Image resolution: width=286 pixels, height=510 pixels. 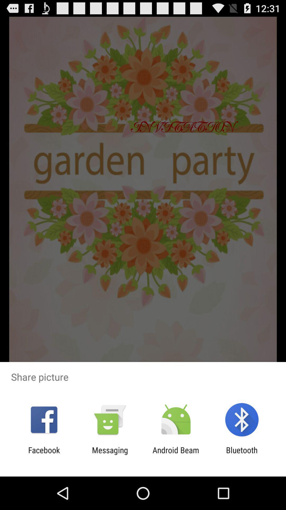 What do you see at coordinates (110, 454) in the screenshot?
I see `app next to android beam icon` at bounding box center [110, 454].